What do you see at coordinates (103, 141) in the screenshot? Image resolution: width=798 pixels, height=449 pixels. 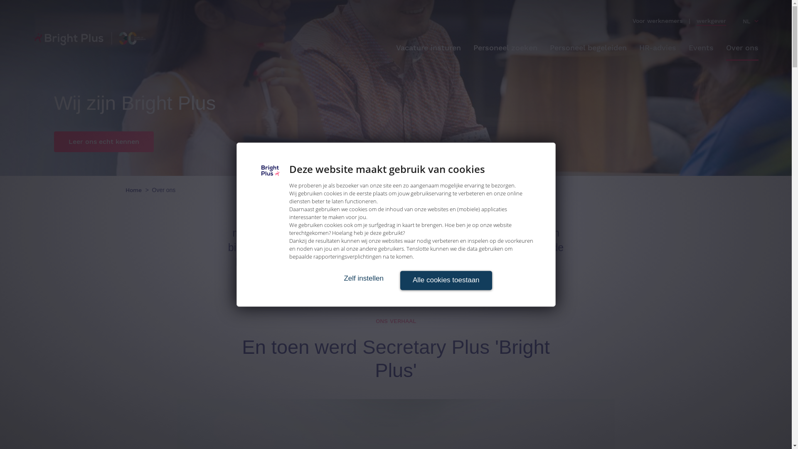 I see `'Leer ons echt kennen'` at bounding box center [103, 141].